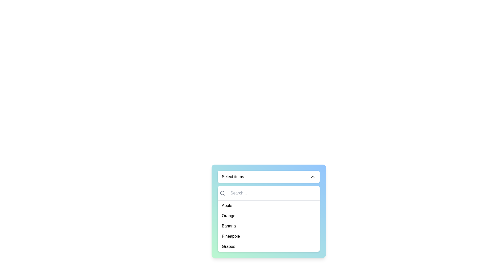 Image resolution: width=490 pixels, height=276 pixels. Describe the element at coordinates (268, 246) in the screenshot. I see `the selectable menu item labeled 'Grapes'` at that location.